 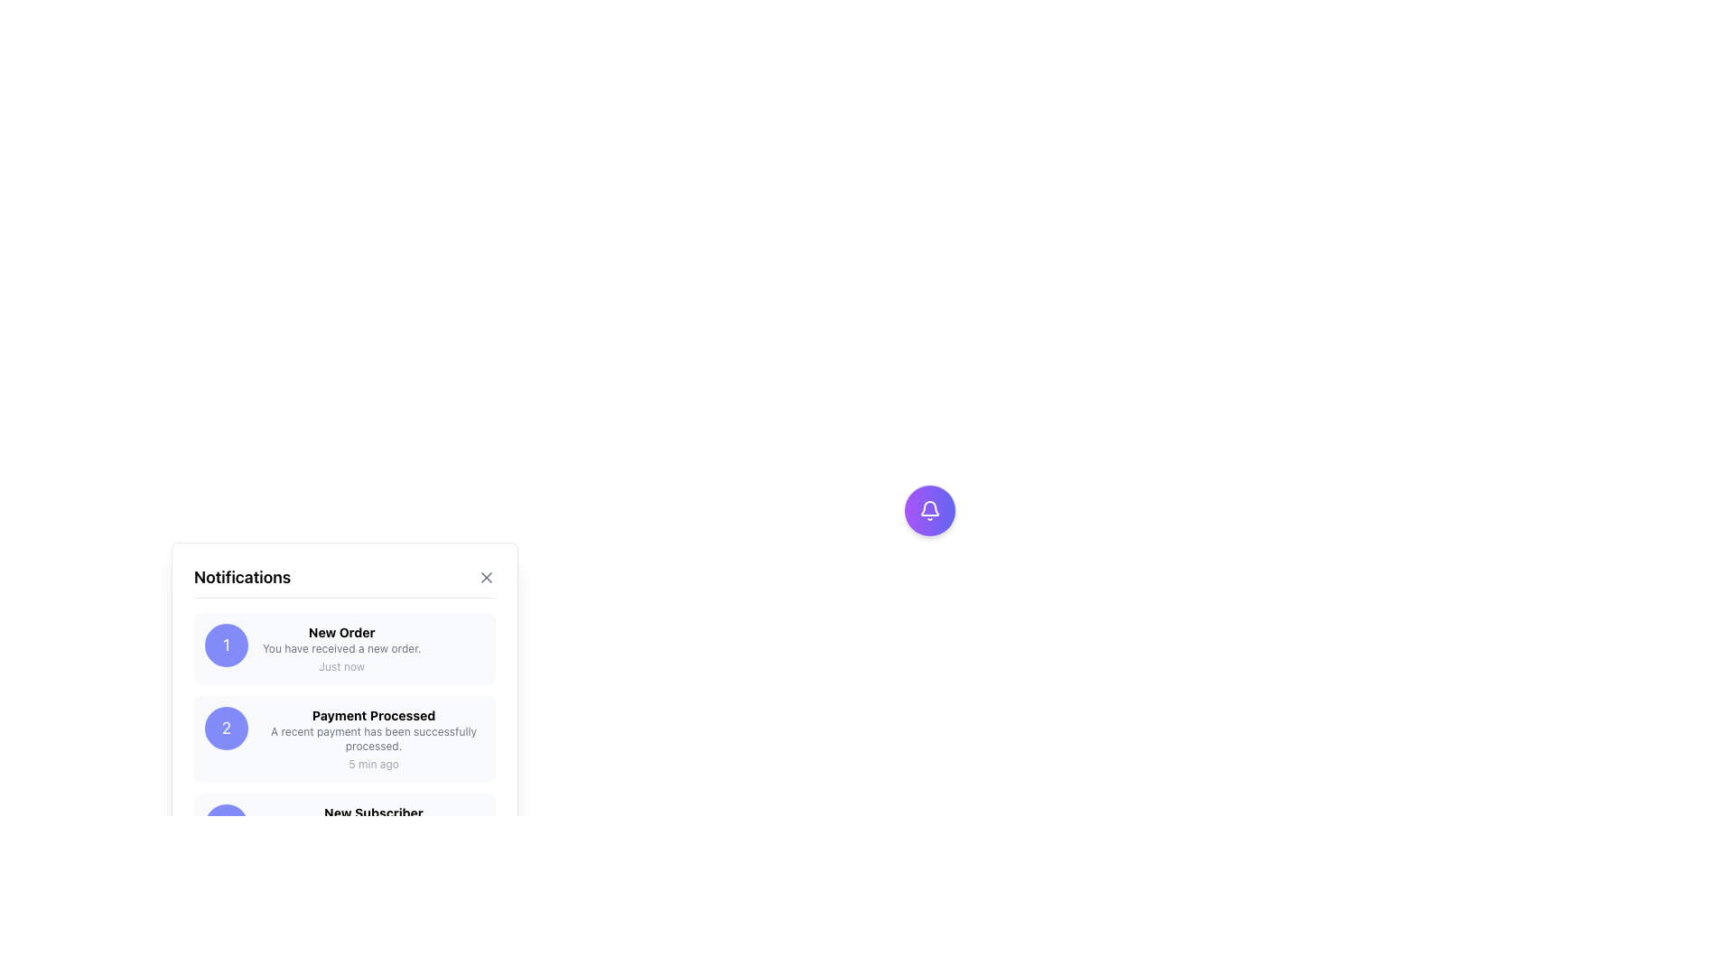 I want to click on the notification display text block that informs the user about a new order, so click(x=341, y=647).